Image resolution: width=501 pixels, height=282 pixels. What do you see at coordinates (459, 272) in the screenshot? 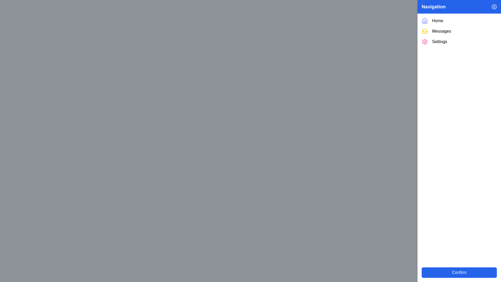
I see `the 'Confirm' button located at the bottom right corner of the interface to observe any appearance change` at bounding box center [459, 272].